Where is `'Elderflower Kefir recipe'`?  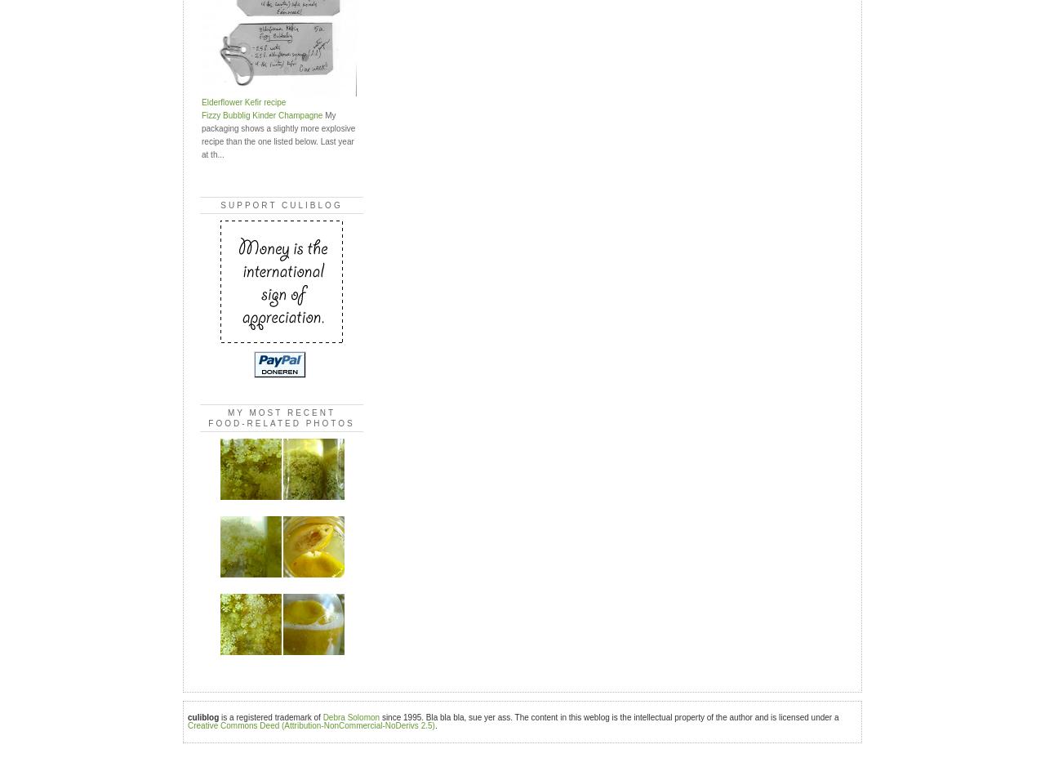 'Elderflower Kefir recipe' is located at coordinates (201, 101).